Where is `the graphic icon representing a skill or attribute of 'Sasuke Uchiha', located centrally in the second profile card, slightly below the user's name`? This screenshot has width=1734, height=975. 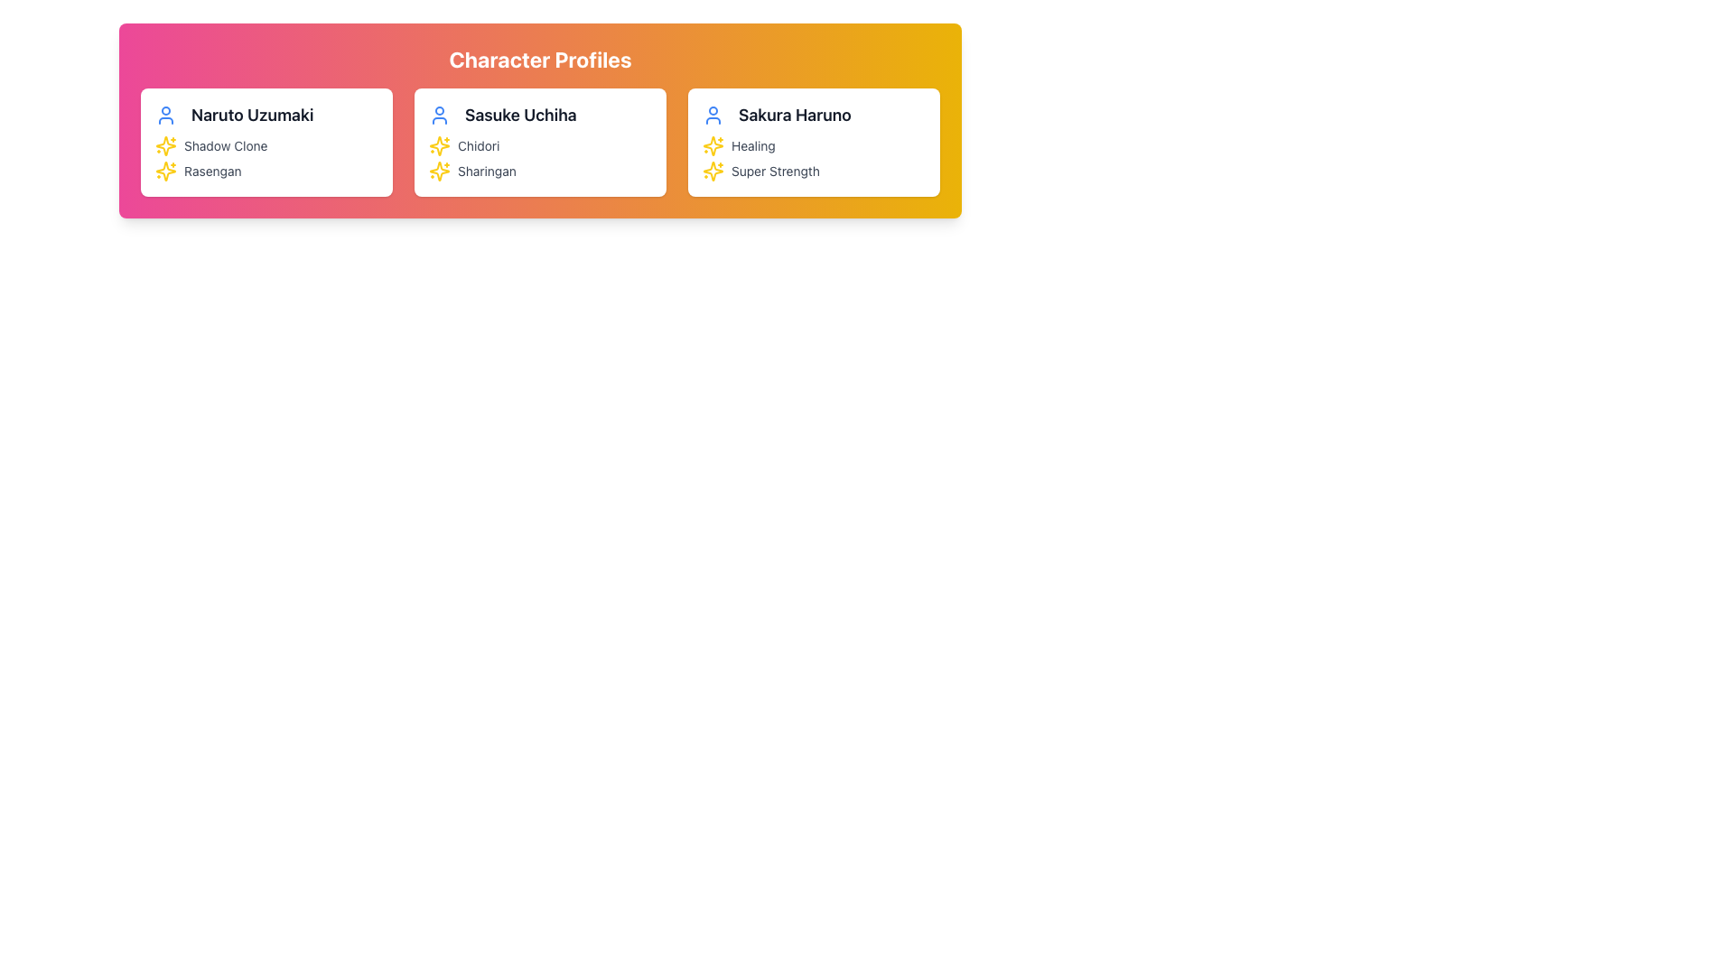 the graphic icon representing a skill or attribute of 'Sasuke Uchiha', located centrally in the second profile card, slightly below the user's name is located at coordinates (439, 145).